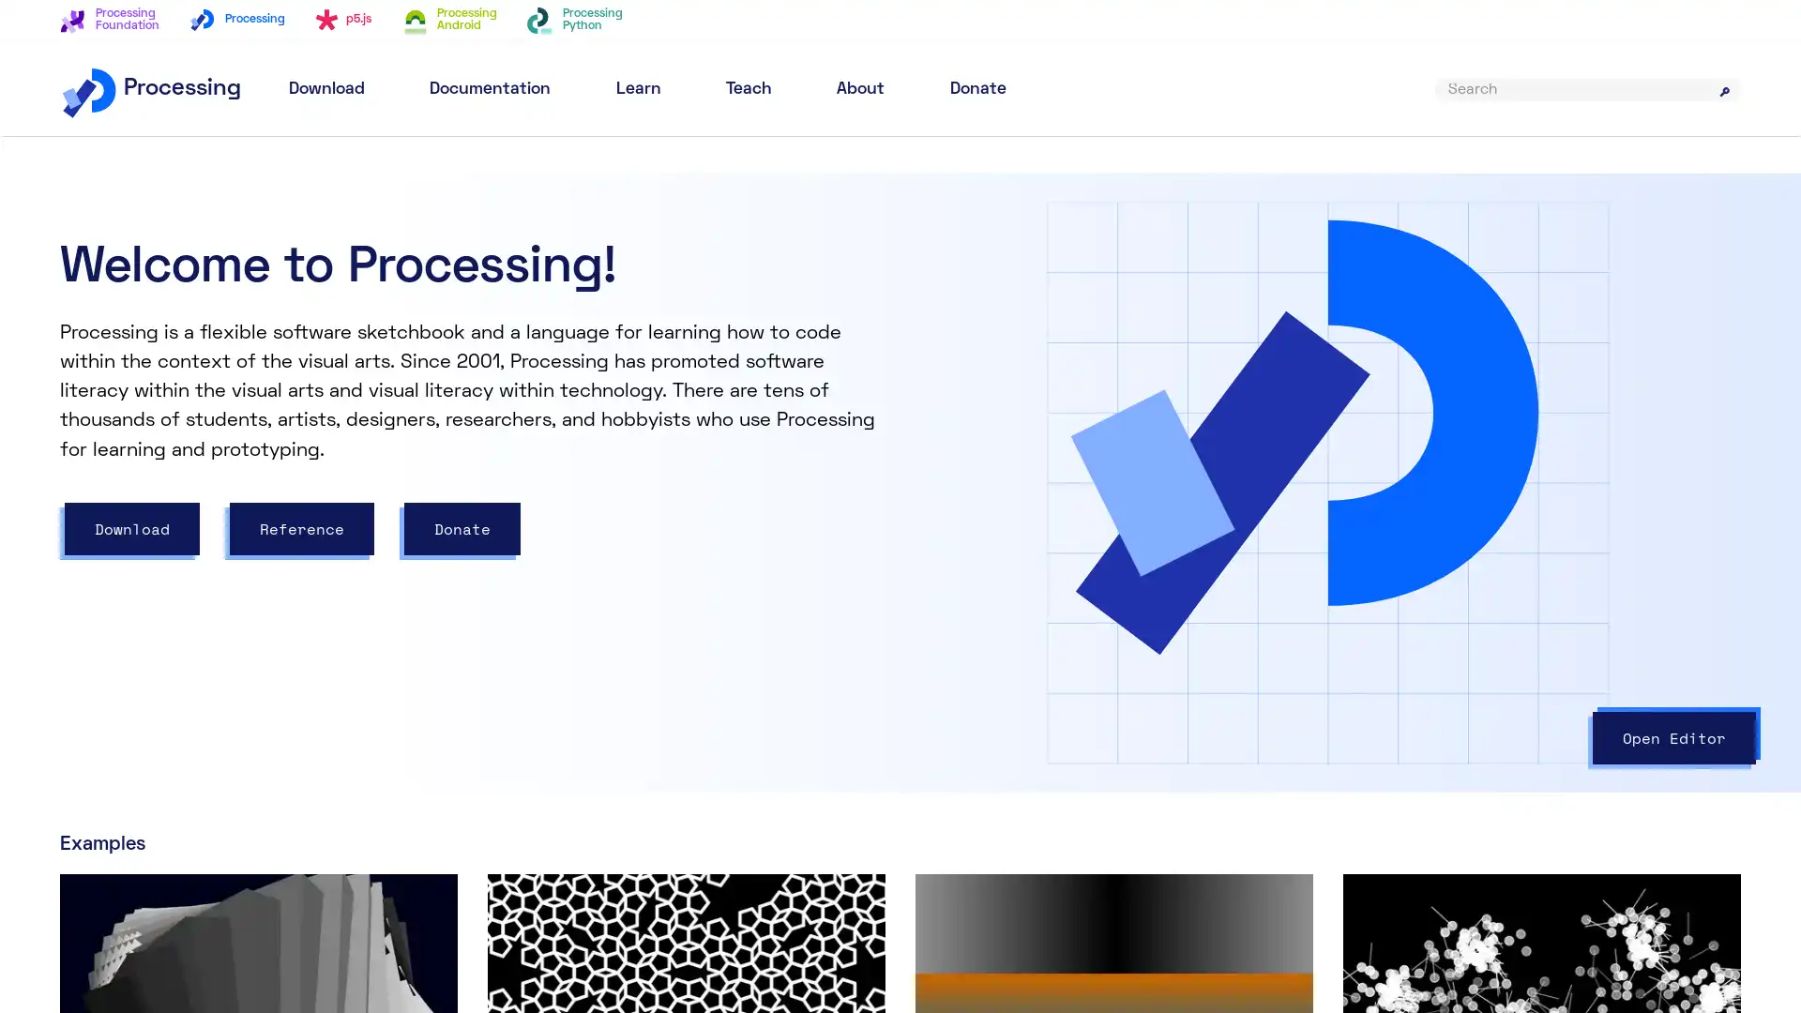 The image size is (1801, 1013). What do you see at coordinates (1094, 491) in the screenshot?
I see `change position` at bounding box center [1094, 491].